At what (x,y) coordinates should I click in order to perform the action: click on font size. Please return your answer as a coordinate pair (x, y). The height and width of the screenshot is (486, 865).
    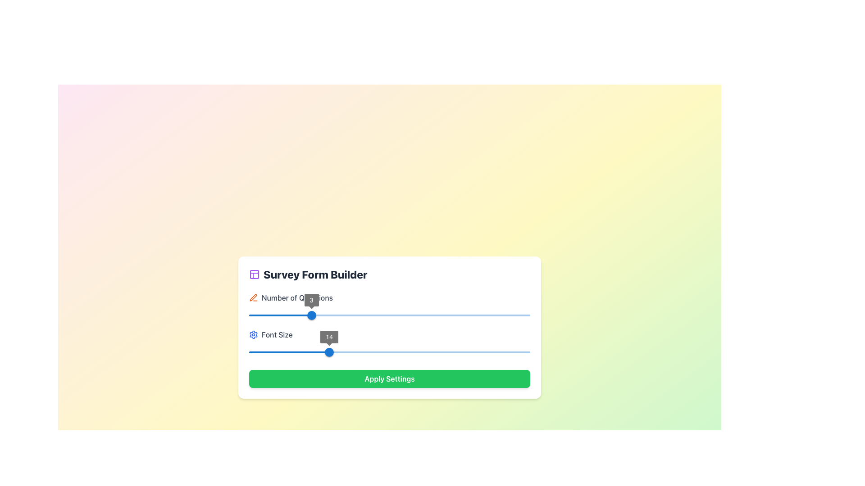
    Looking at the image, I should click on (471, 352).